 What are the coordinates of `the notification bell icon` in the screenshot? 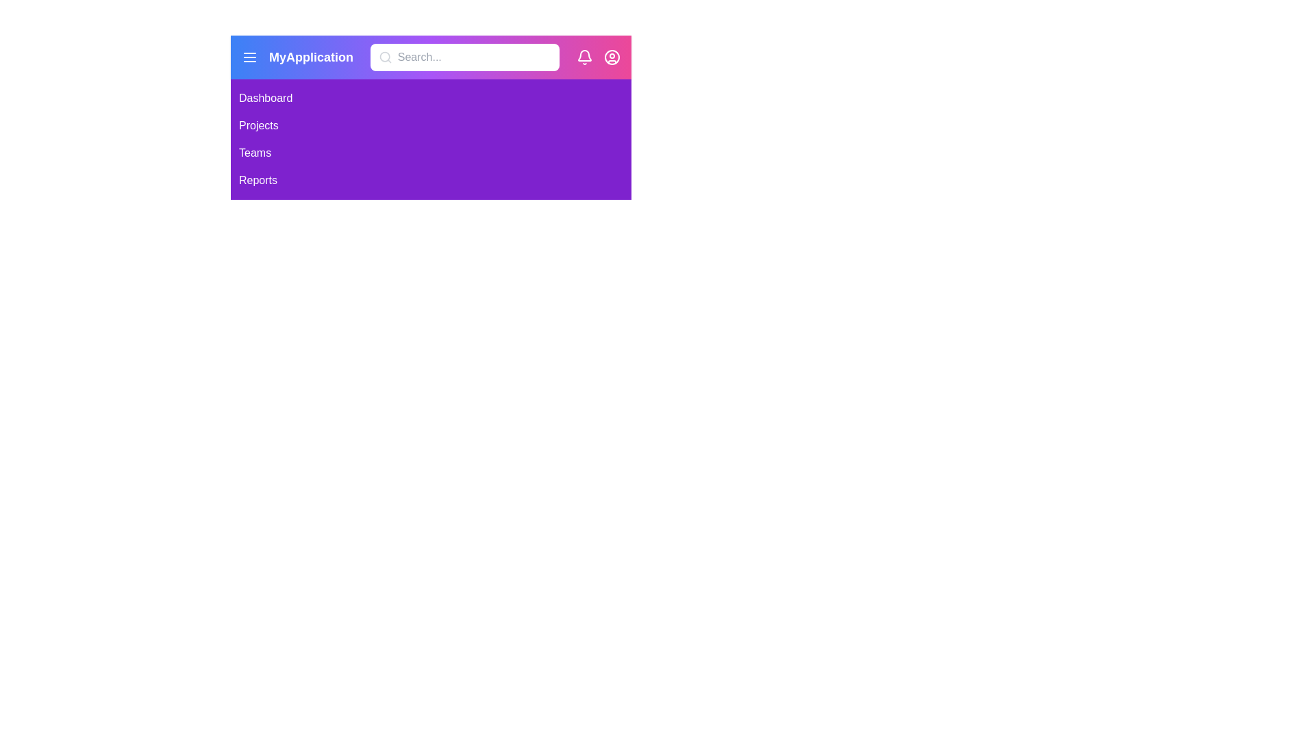 It's located at (585, 57).